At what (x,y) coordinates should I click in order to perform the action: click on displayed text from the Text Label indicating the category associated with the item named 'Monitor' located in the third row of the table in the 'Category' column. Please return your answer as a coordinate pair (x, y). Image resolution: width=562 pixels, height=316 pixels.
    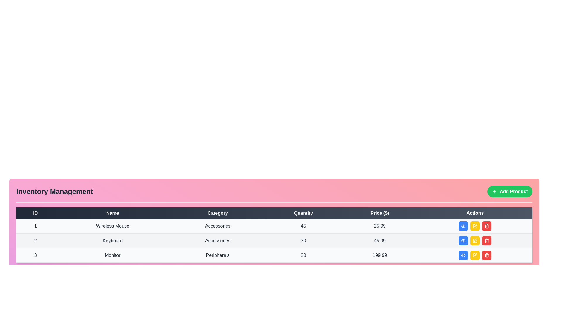
    Looking at the image, I should click on (217, 255).